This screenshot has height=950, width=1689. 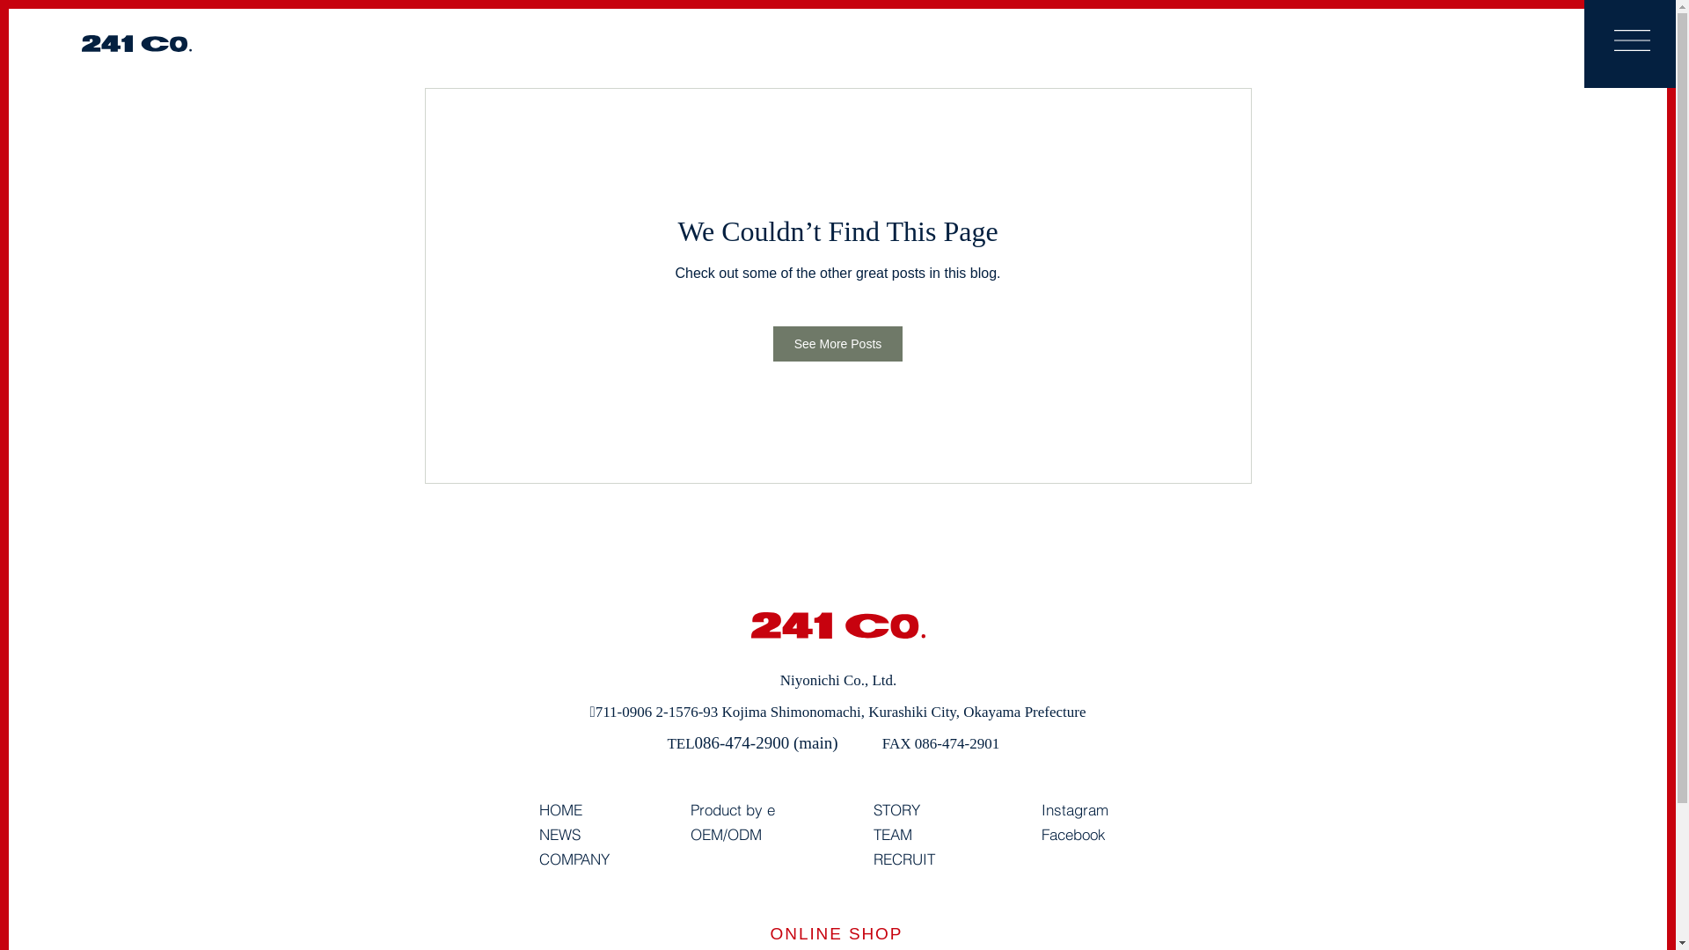 What do you see at coordinates (1072, 834) in the screenshot?
I see `'Facebook'` at bounding box center [1072, 834].